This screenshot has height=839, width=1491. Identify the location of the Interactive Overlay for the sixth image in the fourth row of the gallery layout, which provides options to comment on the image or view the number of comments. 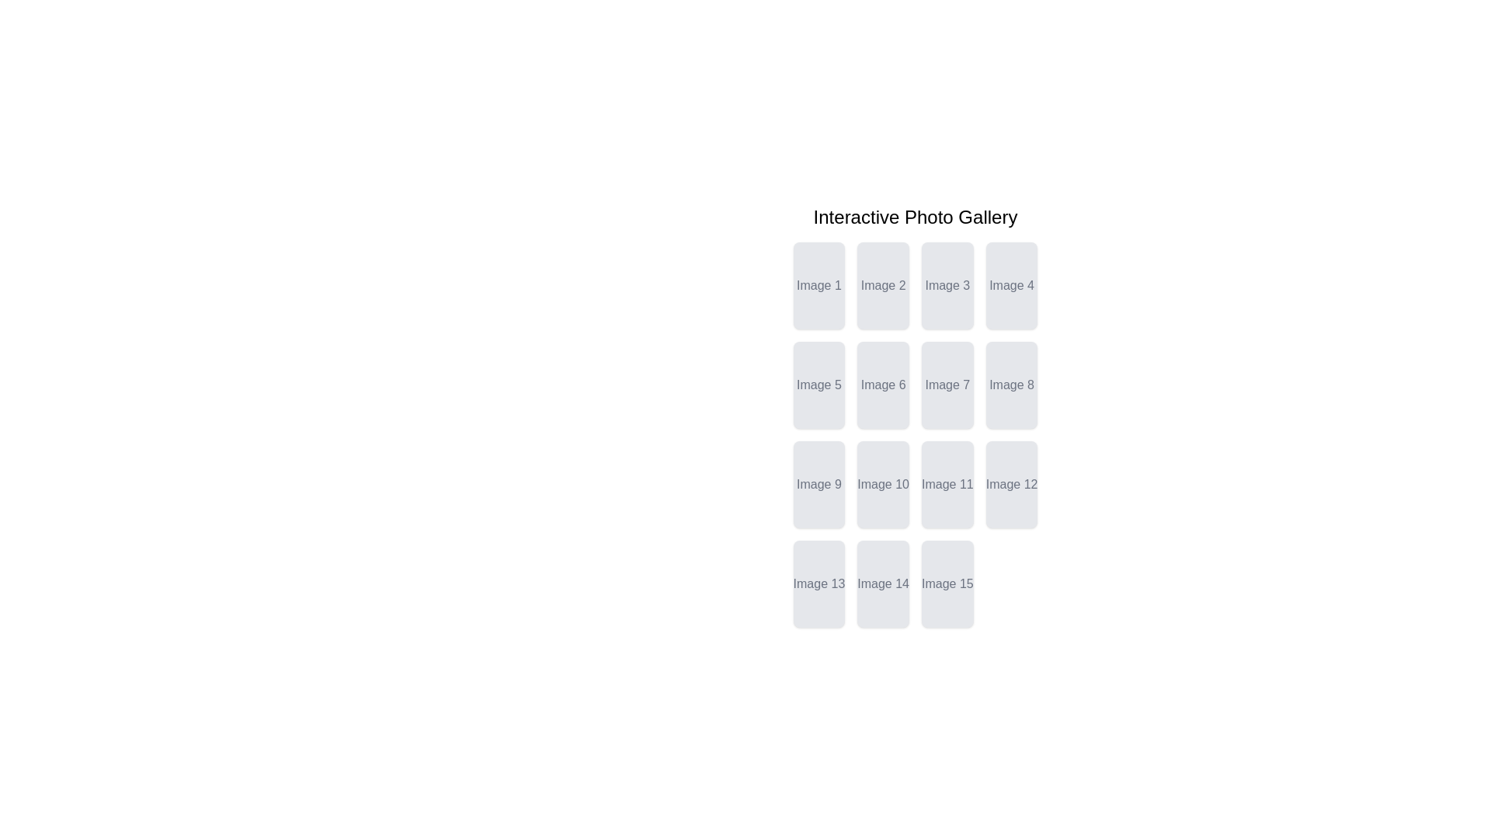
(883, 397).